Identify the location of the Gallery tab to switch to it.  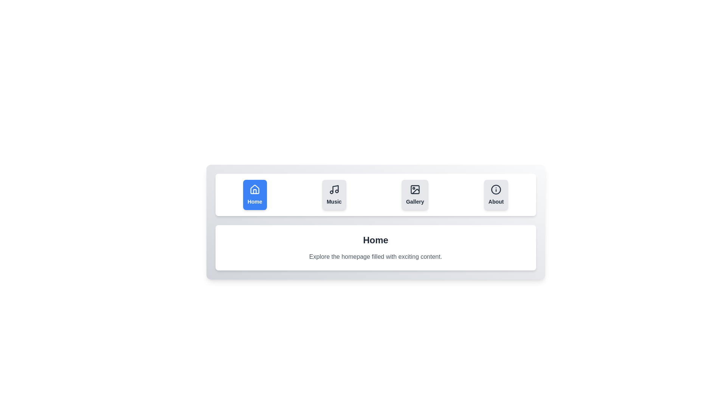
(414, 195).